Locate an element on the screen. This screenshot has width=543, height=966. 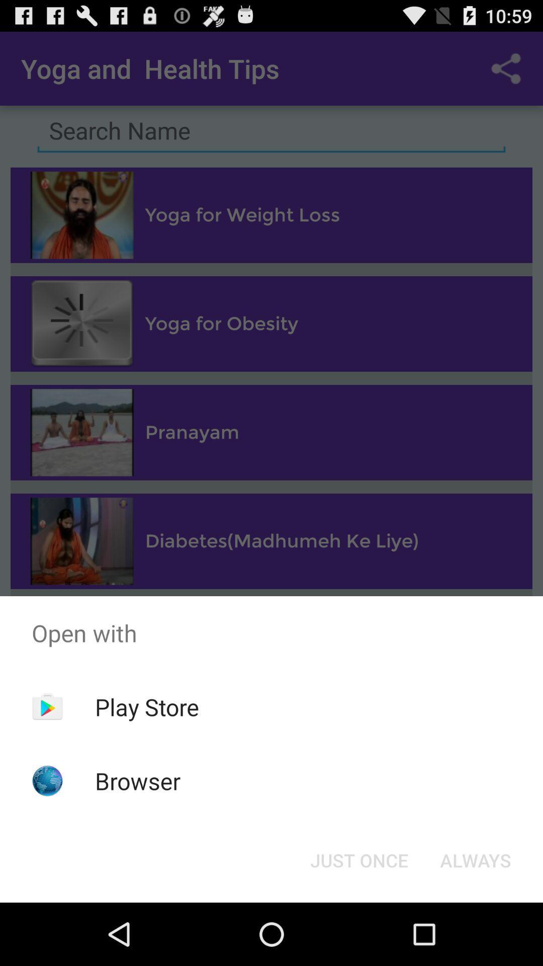
always button is located at coordinates (475, 859).